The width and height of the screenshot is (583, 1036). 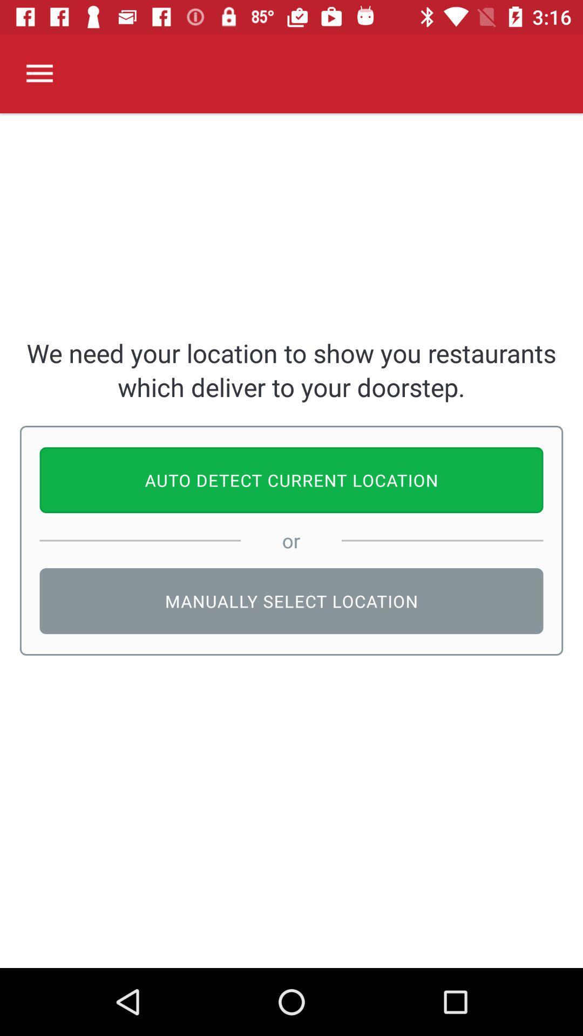 I want to click on the item at the top left corner, so click(x=39, y=73).